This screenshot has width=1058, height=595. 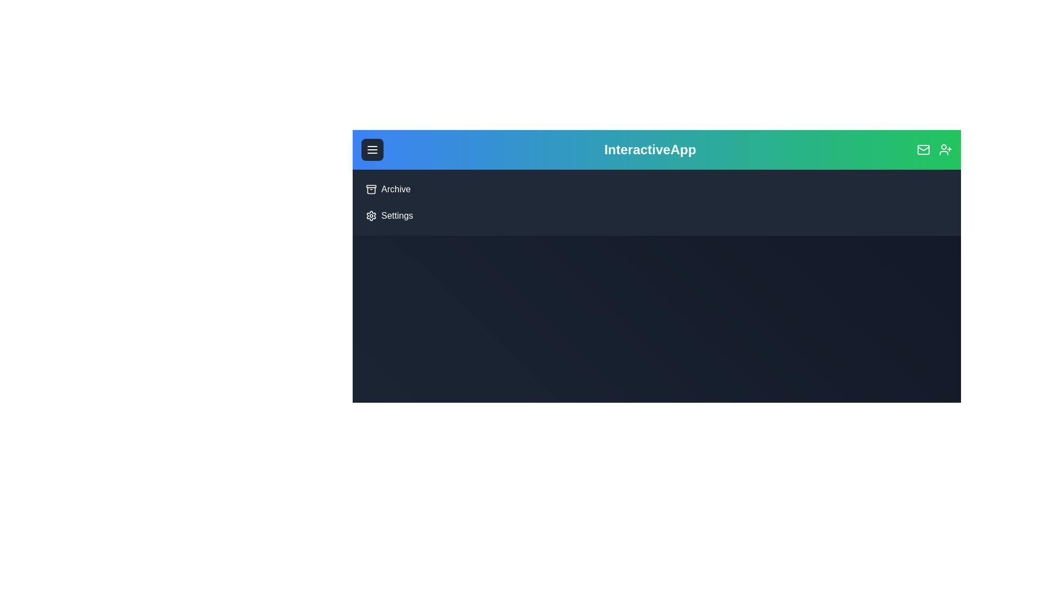 What do you see at coordinates (923, 150) in the screenshot?
I see `the 'Mail' icon to observe the hover effect` at bounding box center [923, 150].